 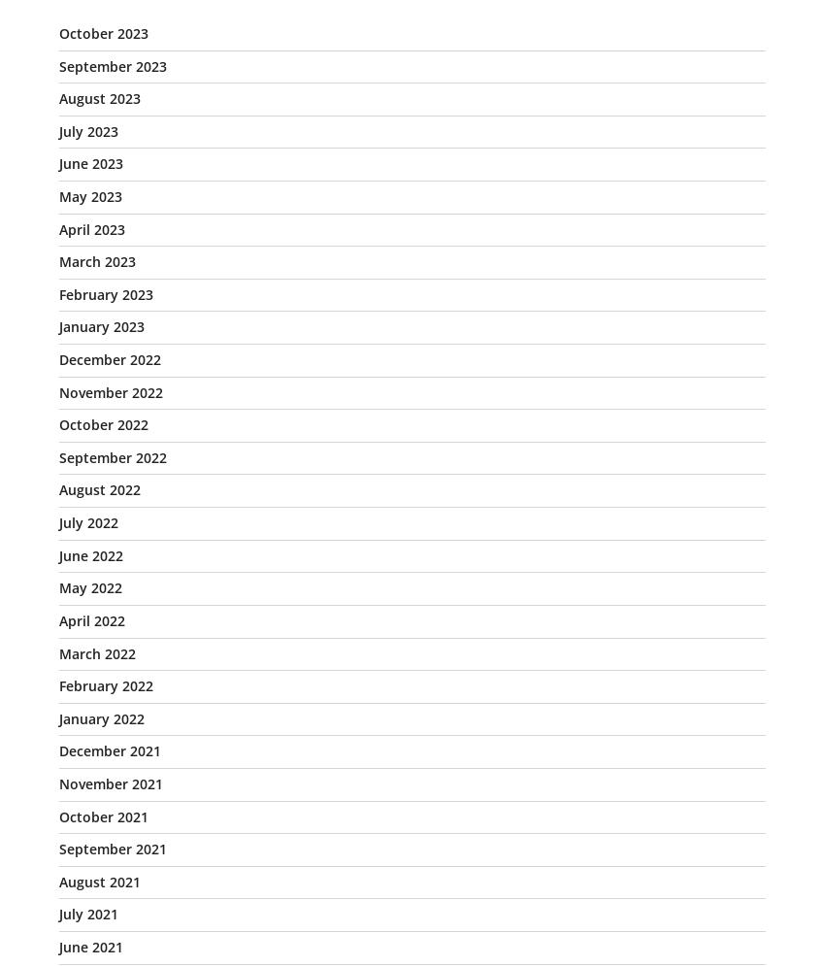 I want to click on 'December 2021', so click(x=109, y=750).